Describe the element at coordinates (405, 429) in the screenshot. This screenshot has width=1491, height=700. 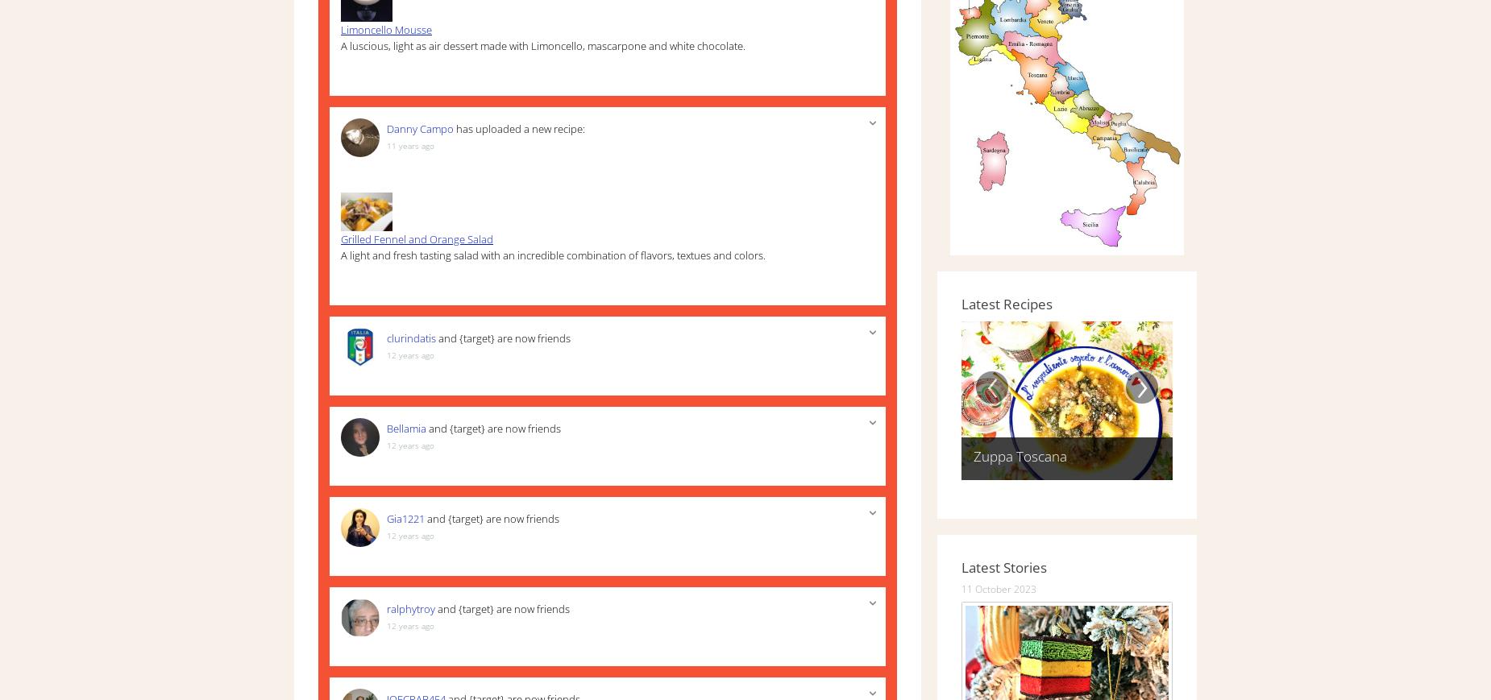
I see `'Bellamia'` at that location.